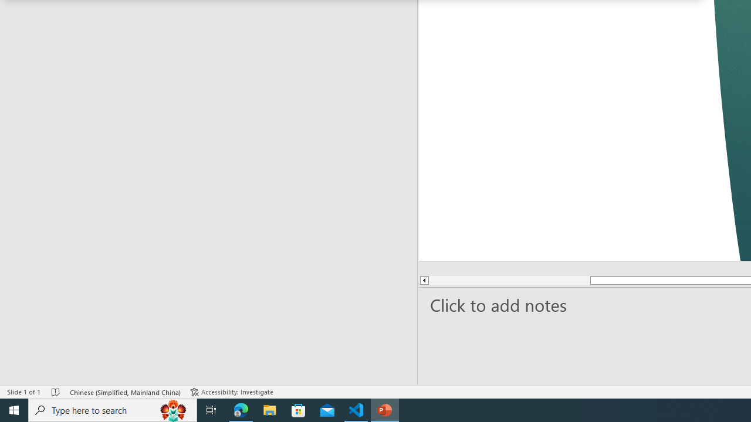 Image resolution: width=751 pixels, height=422 pixels. Describe the element at coordinates (113, 409) in the screenshot. I see `'Type here to search'` at that location.